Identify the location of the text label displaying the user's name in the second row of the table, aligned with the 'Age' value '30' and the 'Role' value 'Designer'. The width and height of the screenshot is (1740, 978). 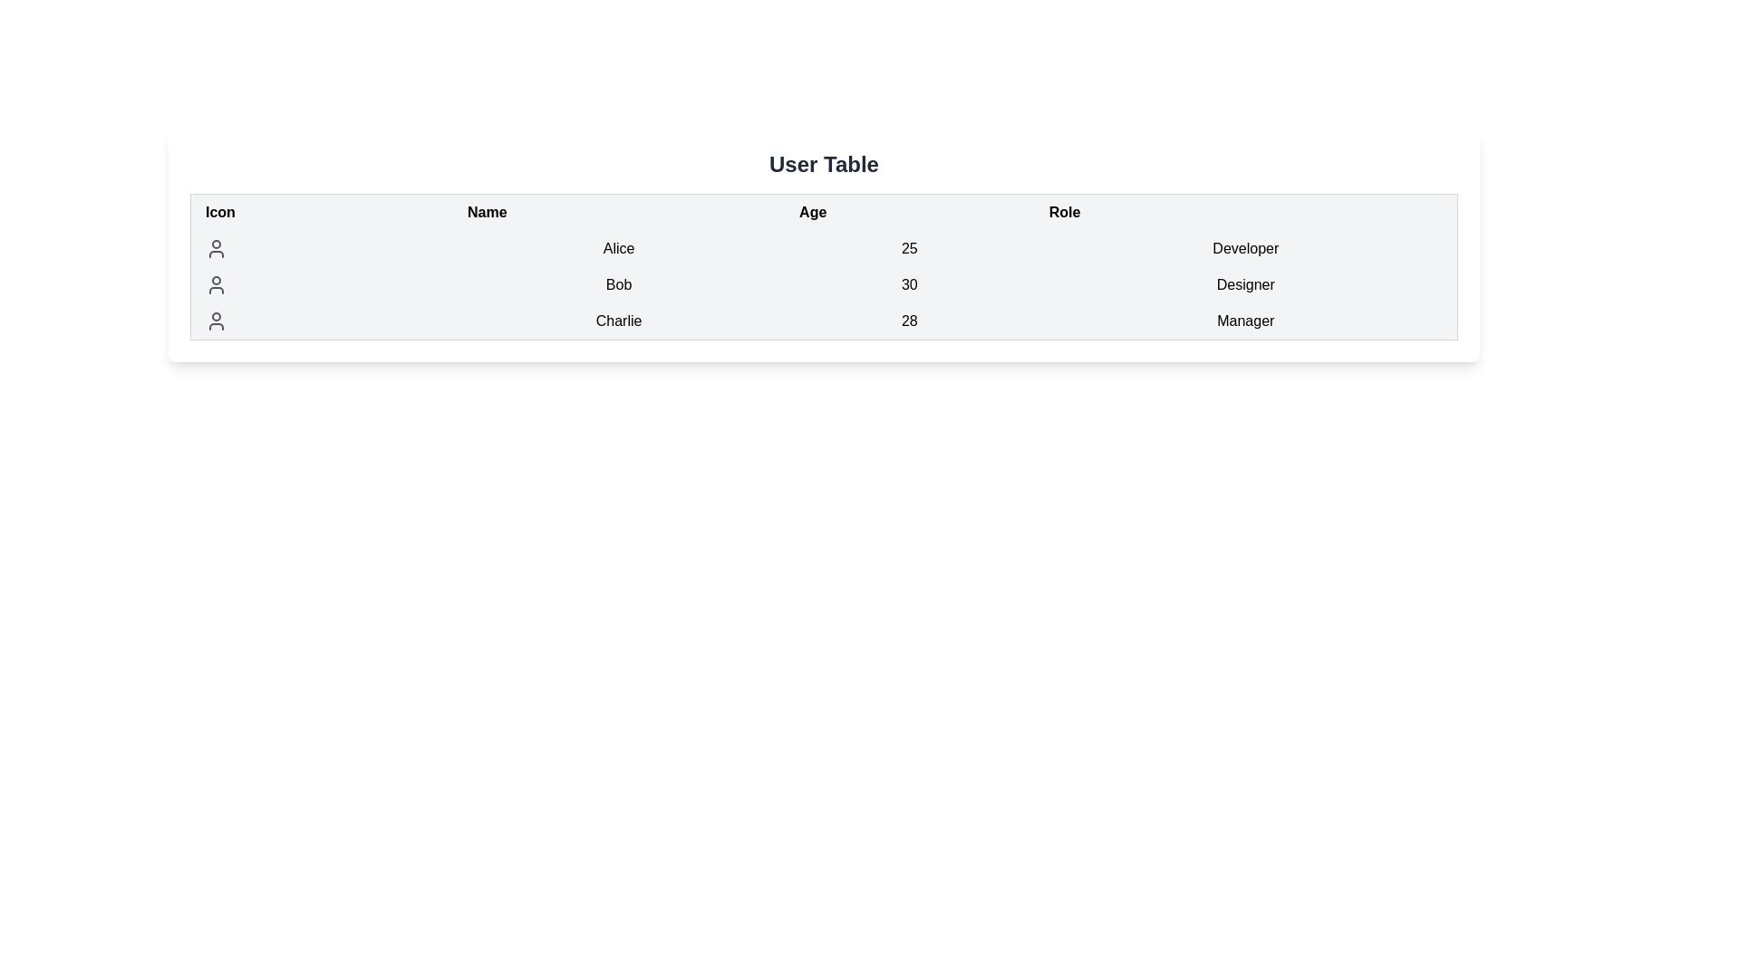
(619, 285).